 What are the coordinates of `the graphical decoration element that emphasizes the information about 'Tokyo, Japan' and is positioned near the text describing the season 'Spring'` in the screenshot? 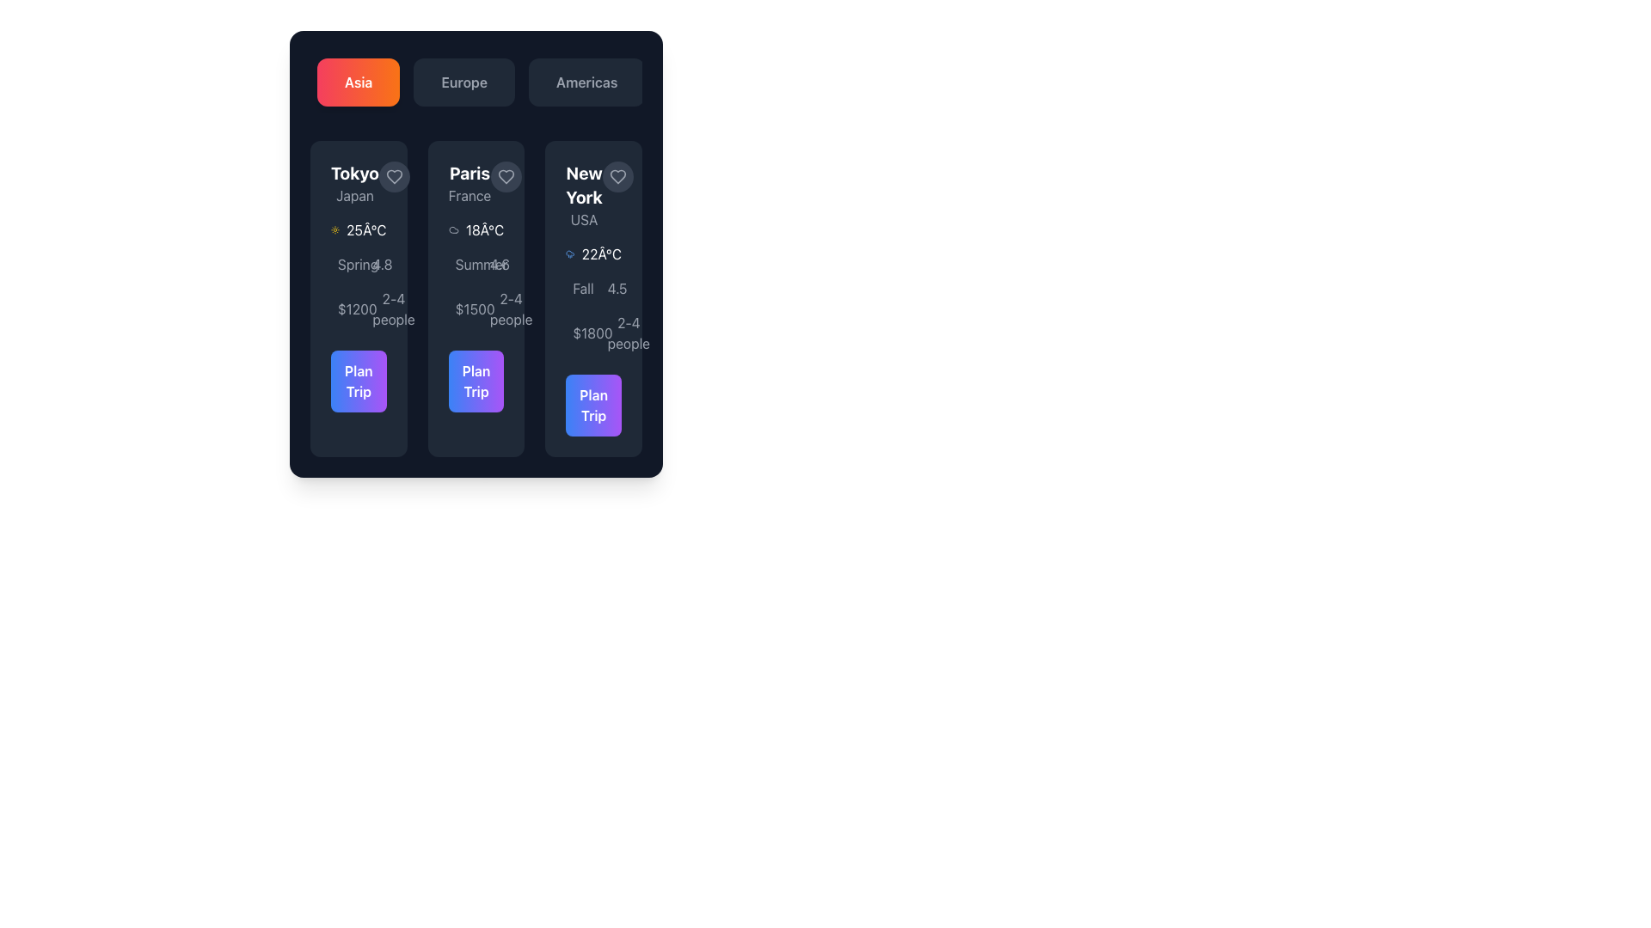 It's located at (341, 268).